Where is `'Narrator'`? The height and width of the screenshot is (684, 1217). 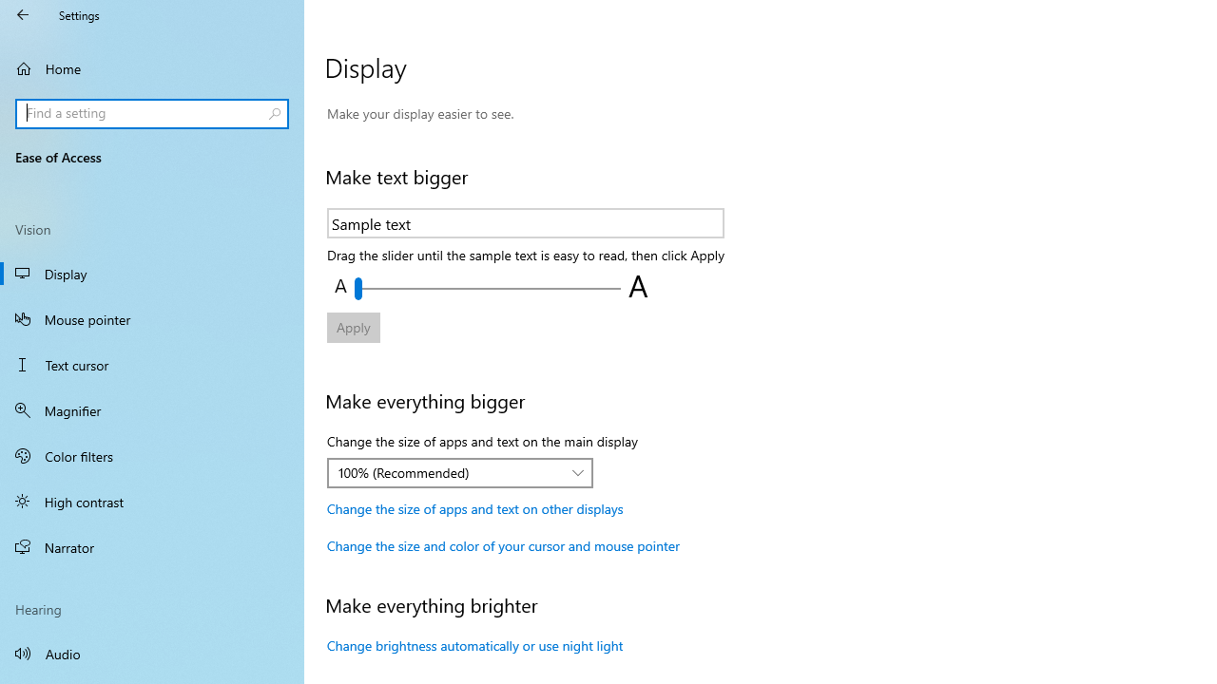 'Narrator' is located at coordinates (152, 547).